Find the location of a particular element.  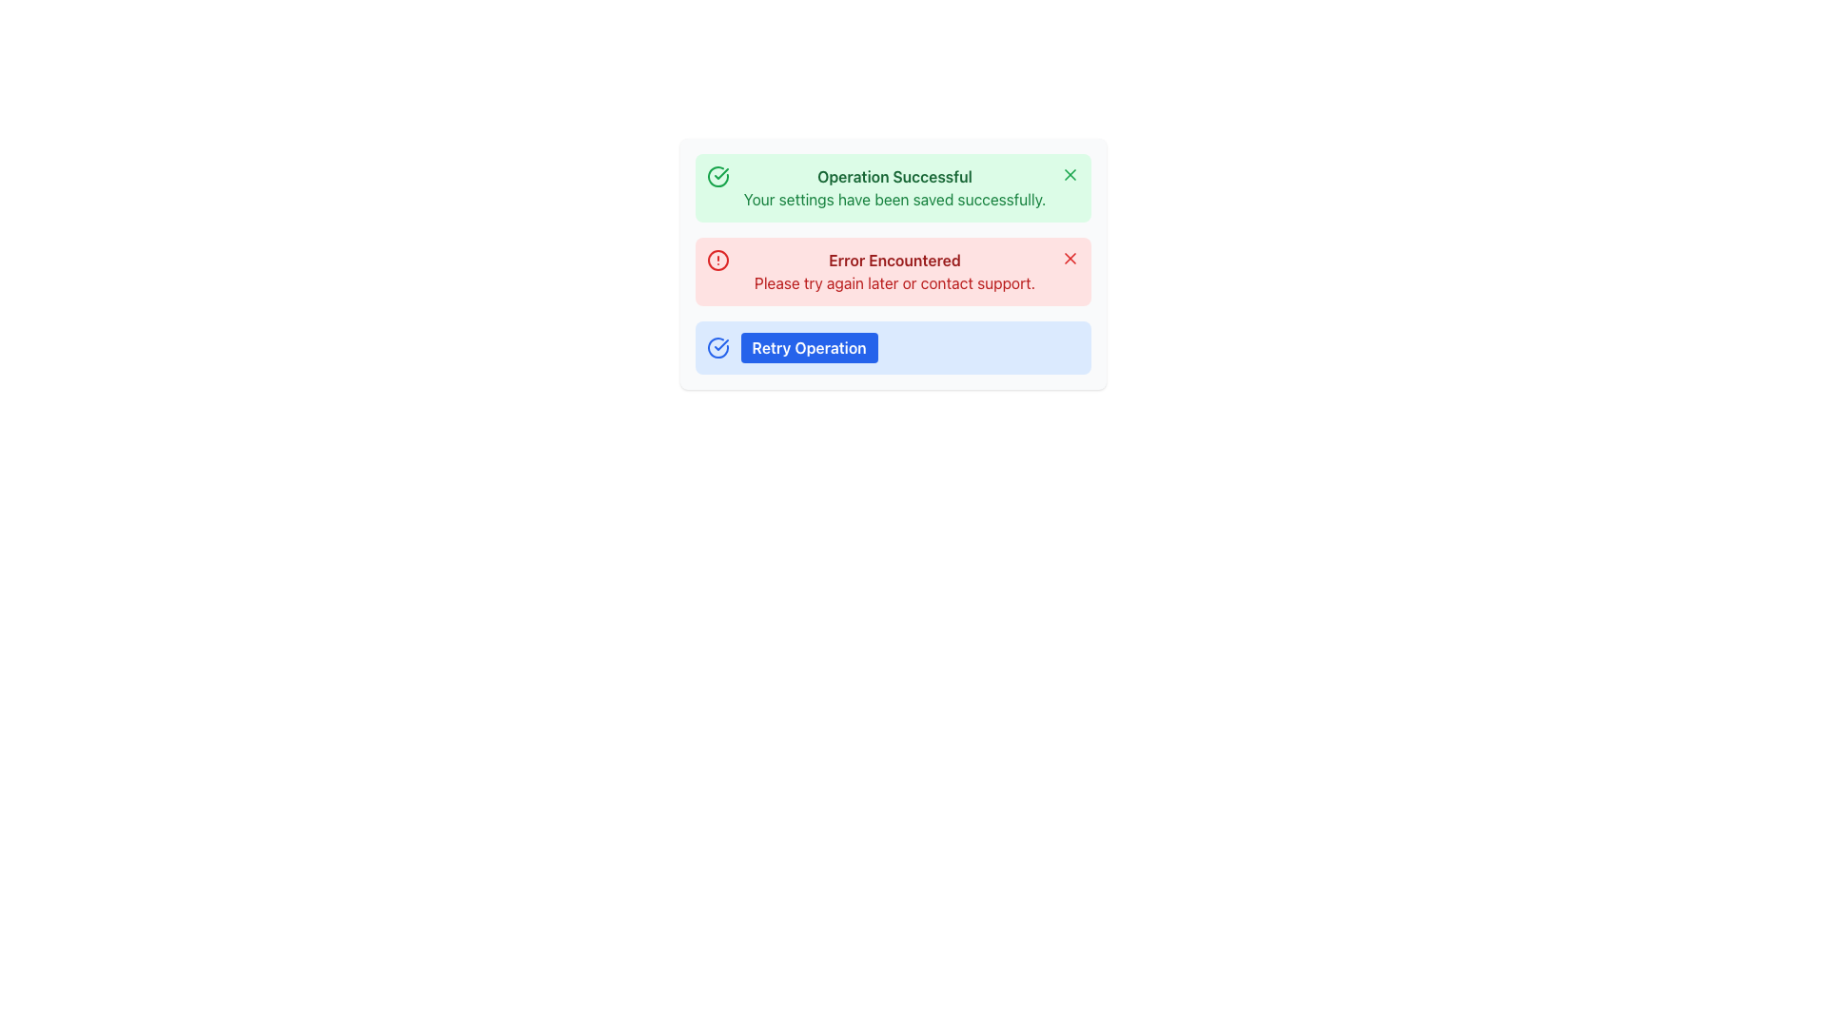

the error status icon located in the top-left corner of the error message panel, next to the red 'Error Encountered' heading is located at coordinates (717, 260).